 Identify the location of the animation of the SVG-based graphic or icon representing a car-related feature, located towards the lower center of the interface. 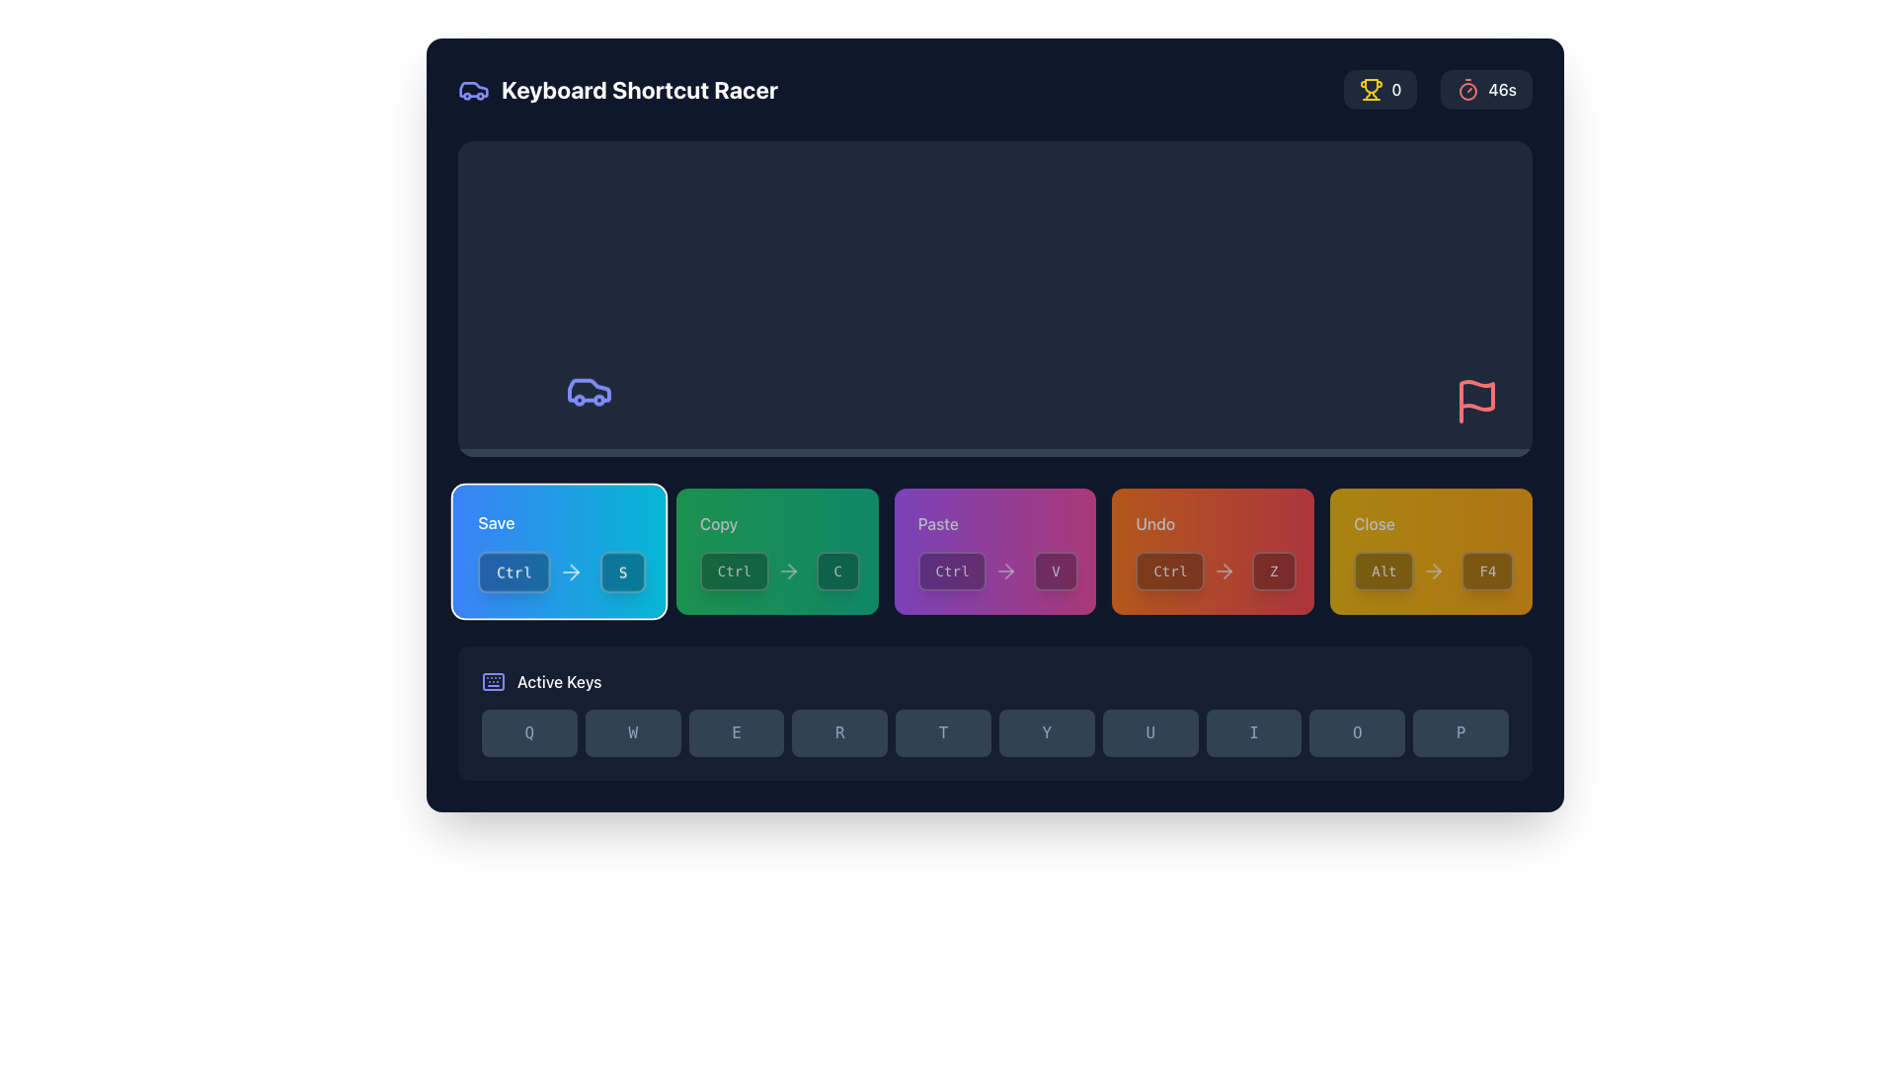
(588, 398).